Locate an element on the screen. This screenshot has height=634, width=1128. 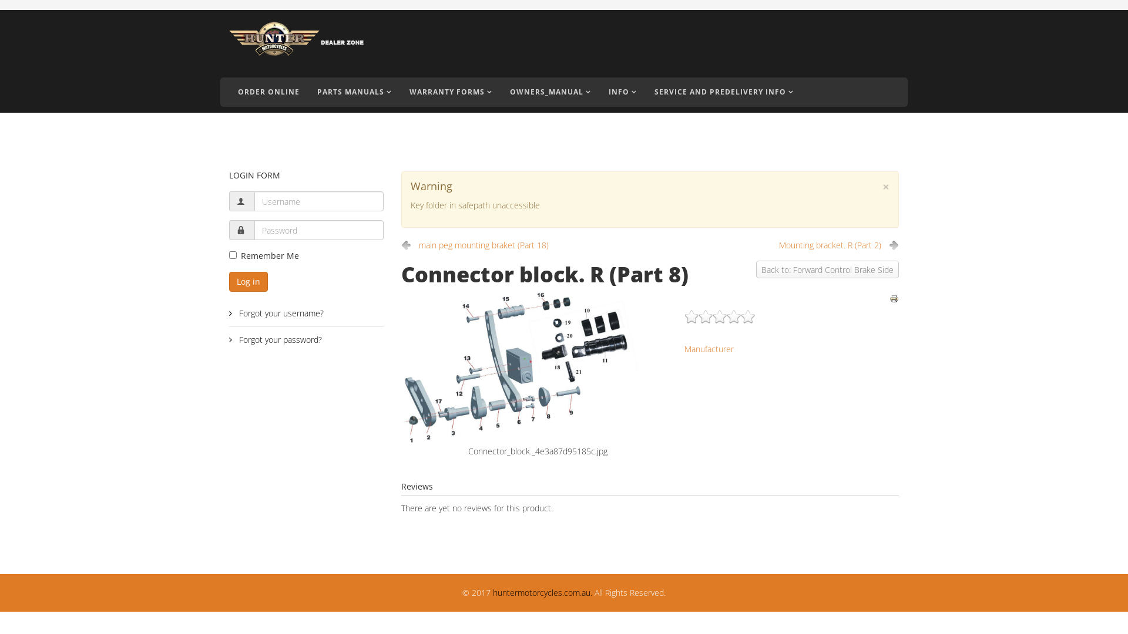
'Print' is located at coordinates (893, 298).